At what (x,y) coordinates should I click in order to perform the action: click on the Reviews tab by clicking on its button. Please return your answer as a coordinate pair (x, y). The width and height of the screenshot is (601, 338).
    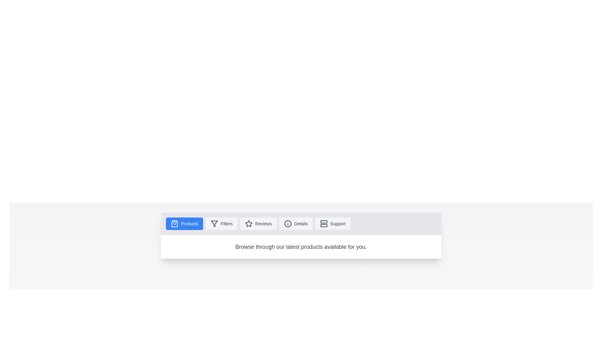
    Looking at the image, I should click on (258, 223).